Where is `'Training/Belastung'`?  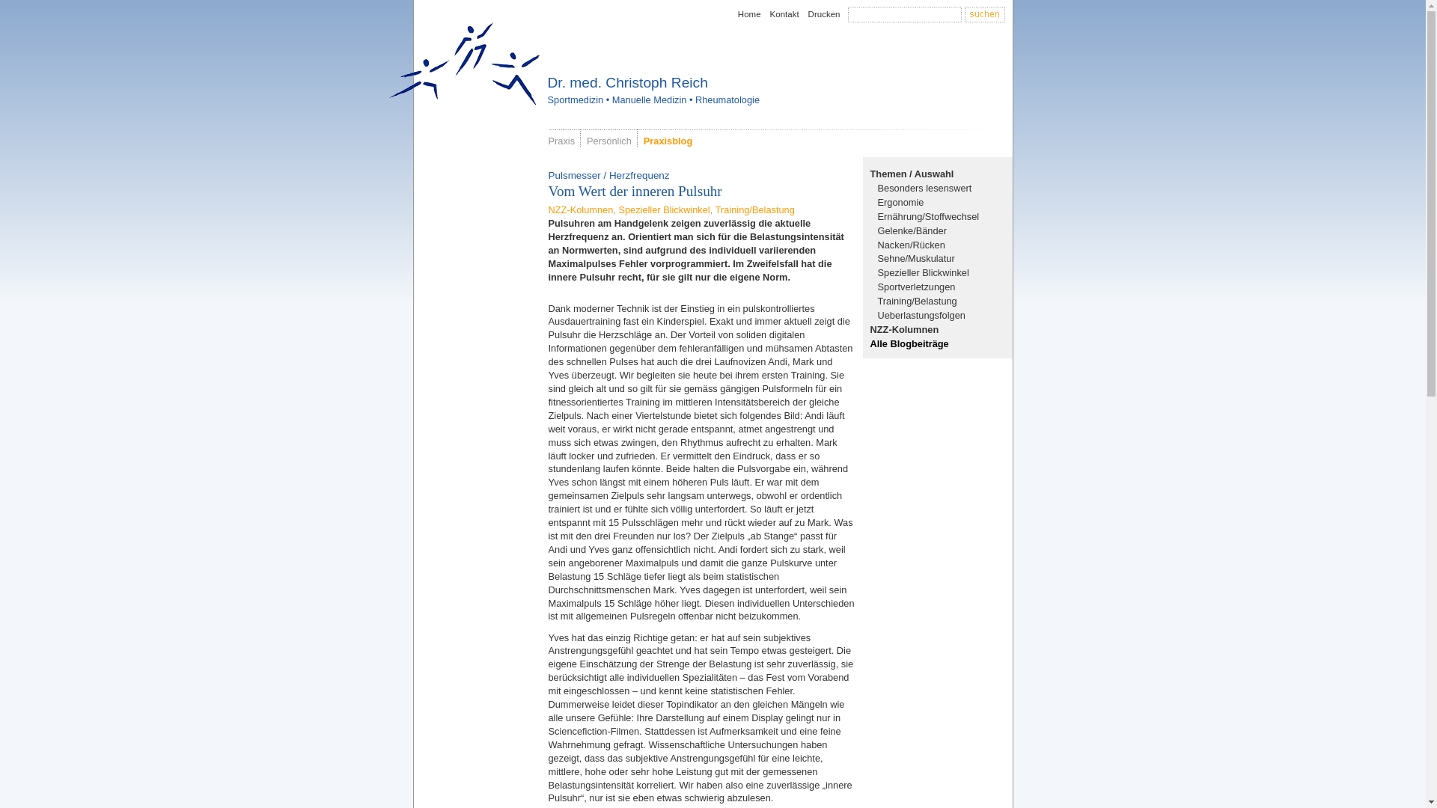
'Training/Belastung' is located at coordinates (714, 209).